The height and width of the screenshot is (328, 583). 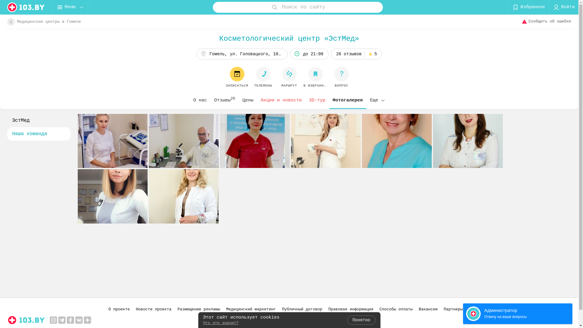 I want to click on 'facebook', so click(x=67, y=319).